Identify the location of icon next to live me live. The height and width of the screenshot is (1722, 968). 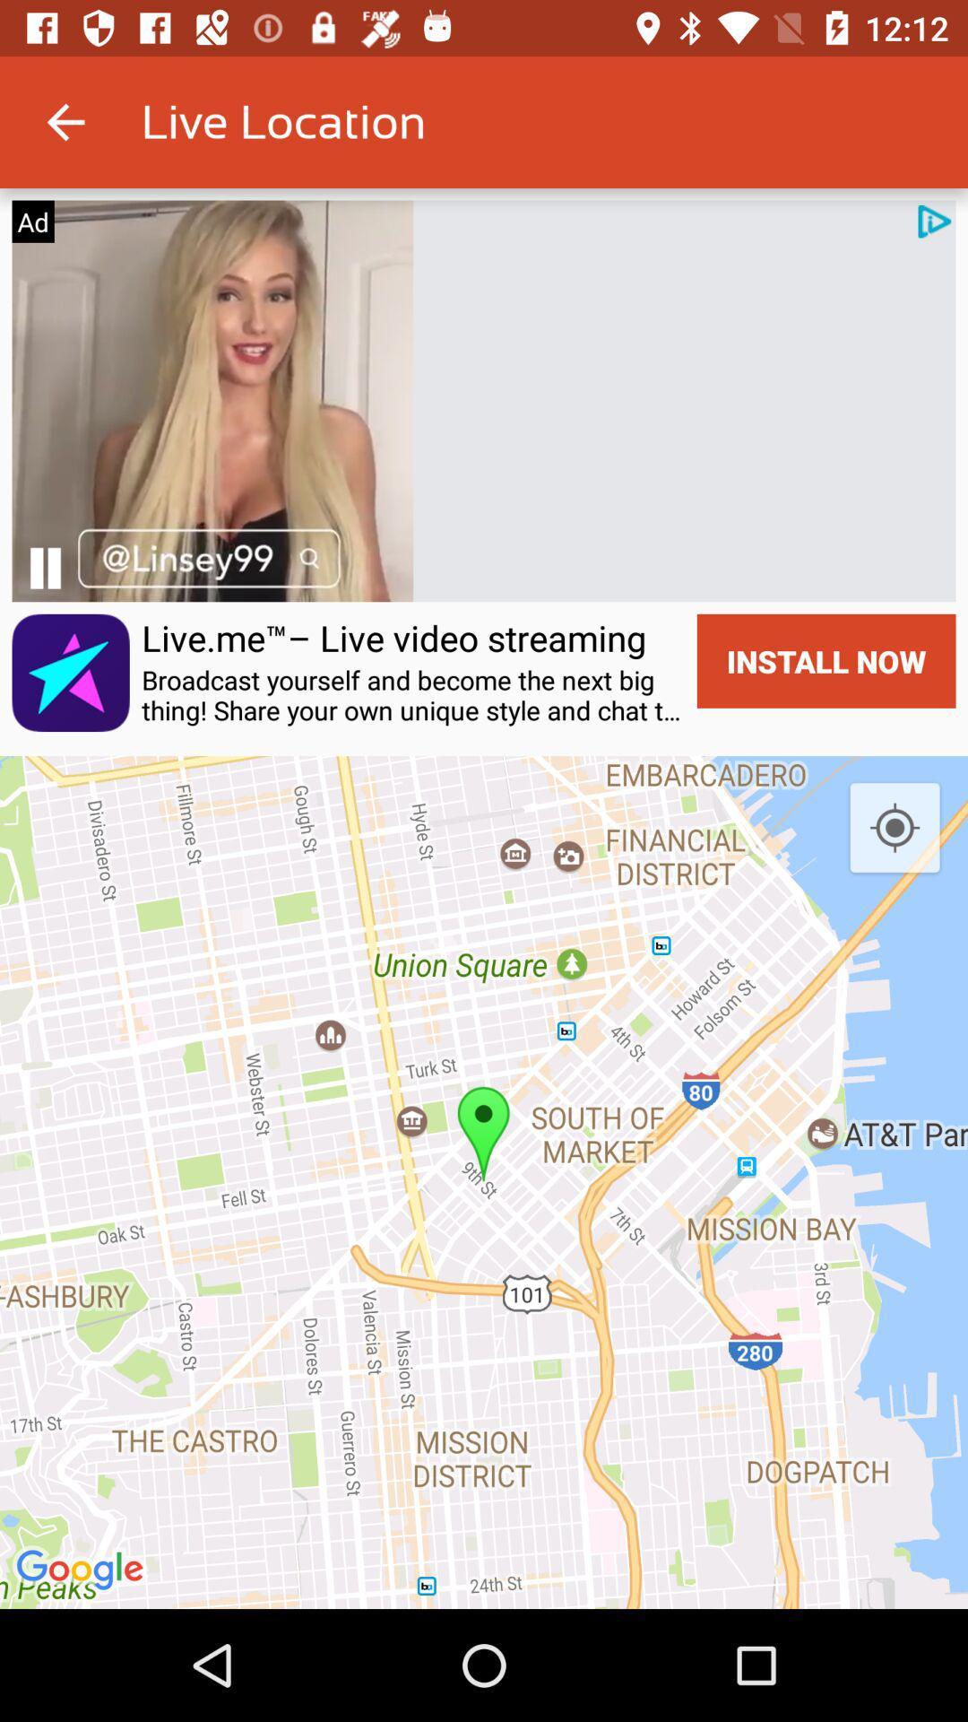
(44, 567).